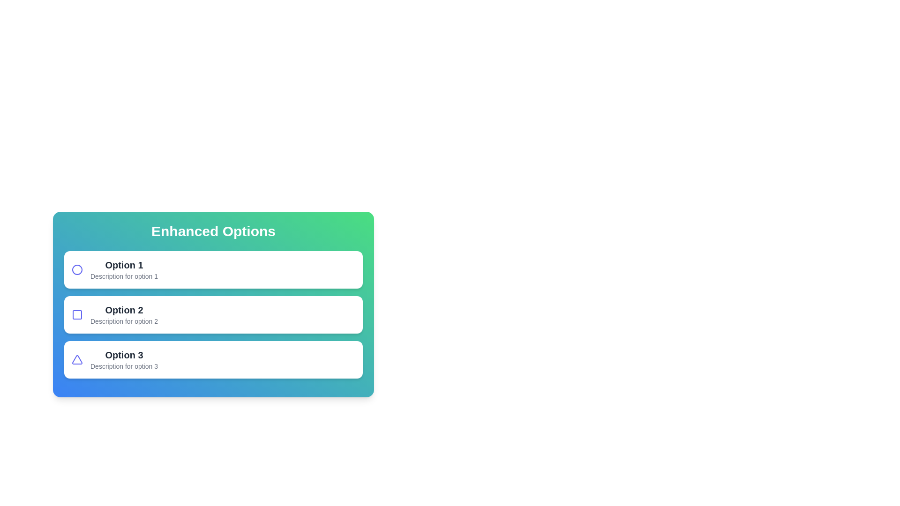 Image resolution: width=900 pixels, height=506 pixels. I want to click on the icon associated with the 'Option 2' section, located on the left side of its row in a vertical list of options, so click(77, 314).